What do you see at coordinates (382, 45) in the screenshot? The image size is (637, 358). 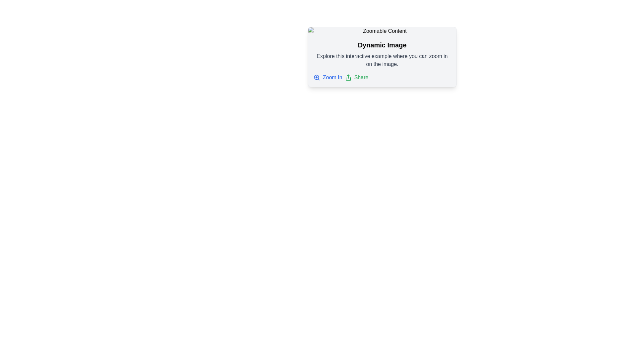 I see `the bold text component displaying 'Dynamic Image', which is prominently positioned above the descriptive text and interactive controls` at bounding box center [382, 45].